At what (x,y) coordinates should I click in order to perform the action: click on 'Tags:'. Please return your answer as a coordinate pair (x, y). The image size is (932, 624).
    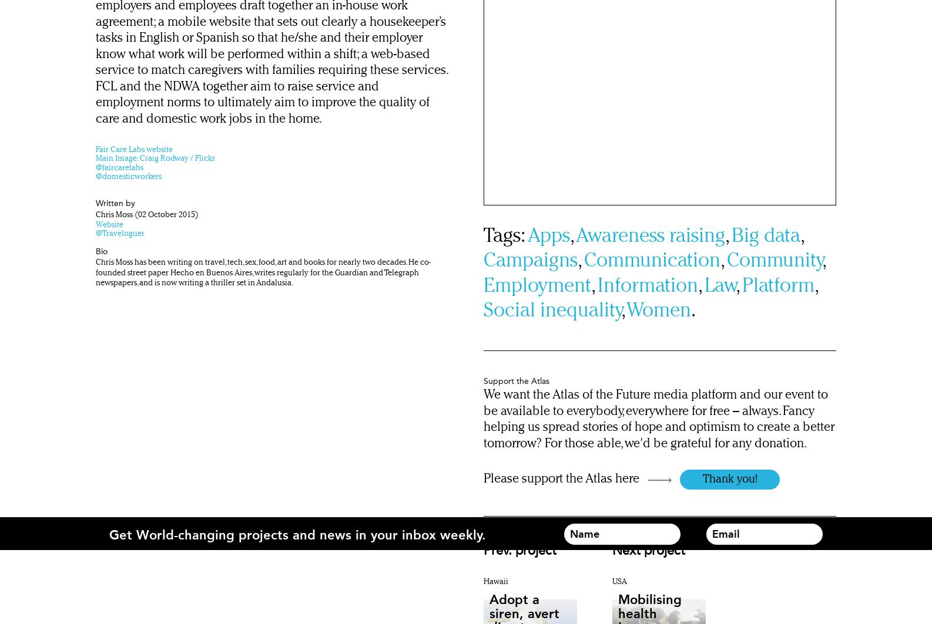
    Looking at the image, I should click on (505, 236).